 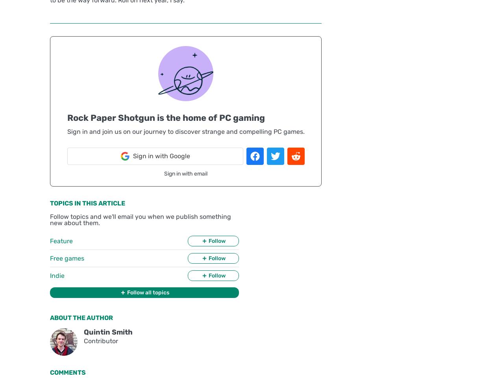 What do you see at coordinates (57, 275) in the screenshot?
I see `'Indie'` at bounding box center [57, 275].